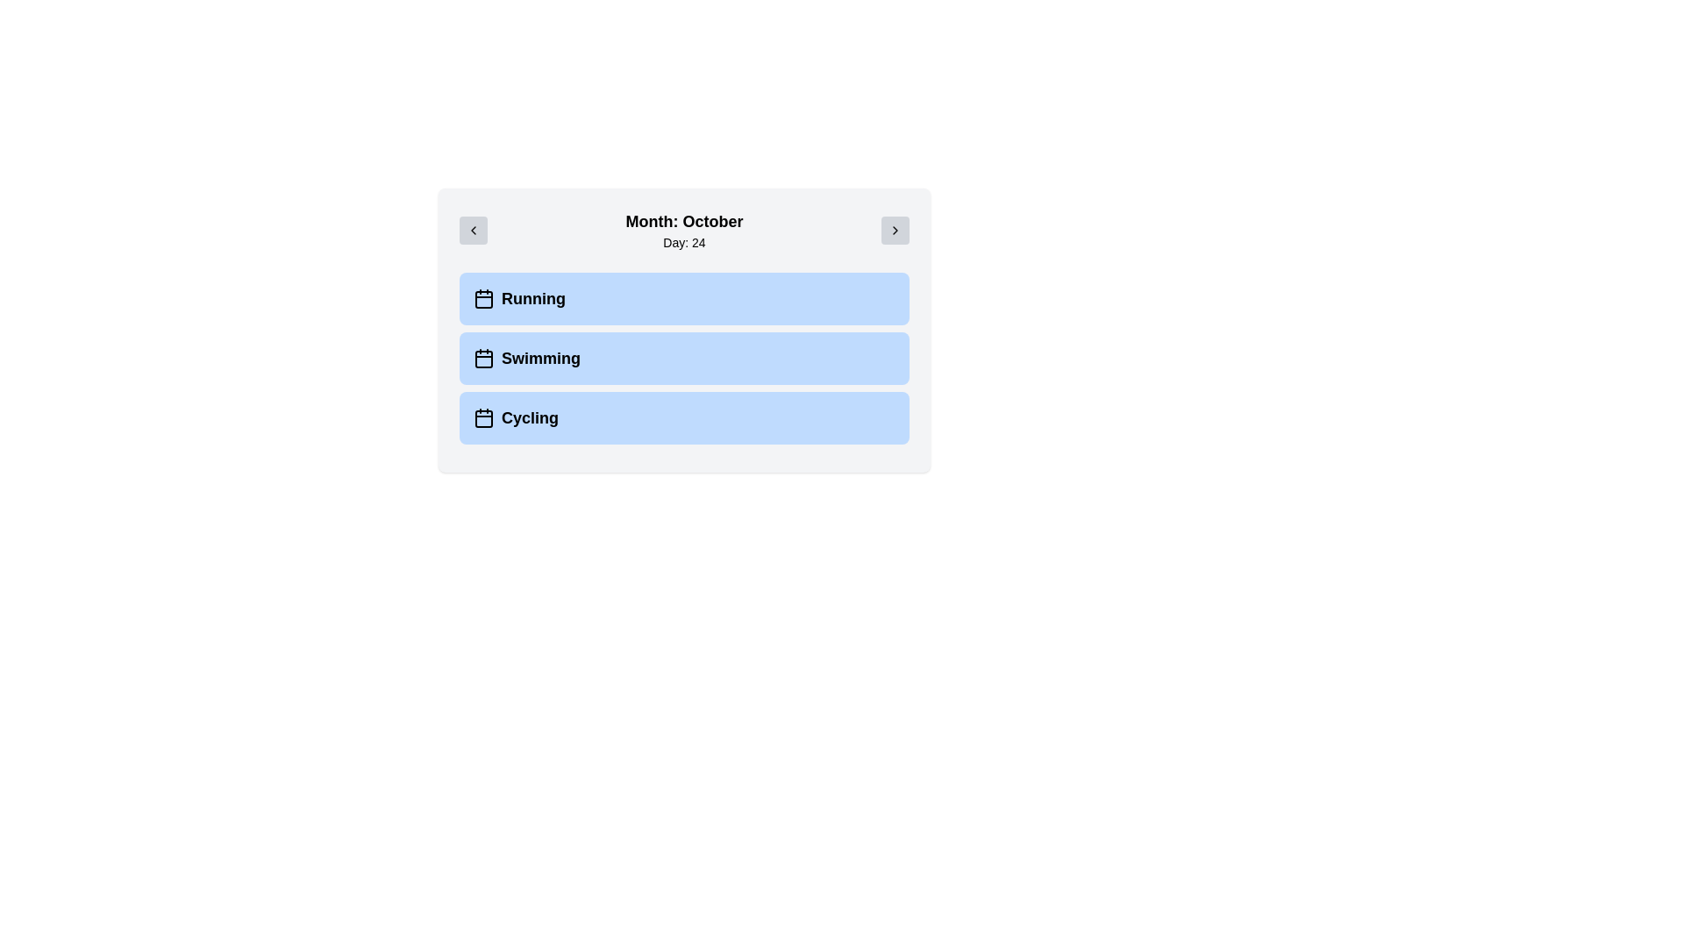  I want to click on the Decorative calendar icon associated with the 'Swimming' task, which is positioned centrally below the 'Running' icon and above the 'Cycling' icon, so click(484, 358).